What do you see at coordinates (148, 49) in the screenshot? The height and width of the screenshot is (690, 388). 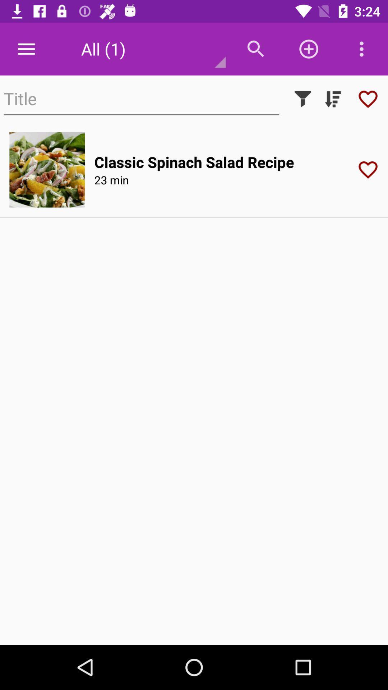 I see `the text to the left of menu bar` at bounding box center [148, 49].